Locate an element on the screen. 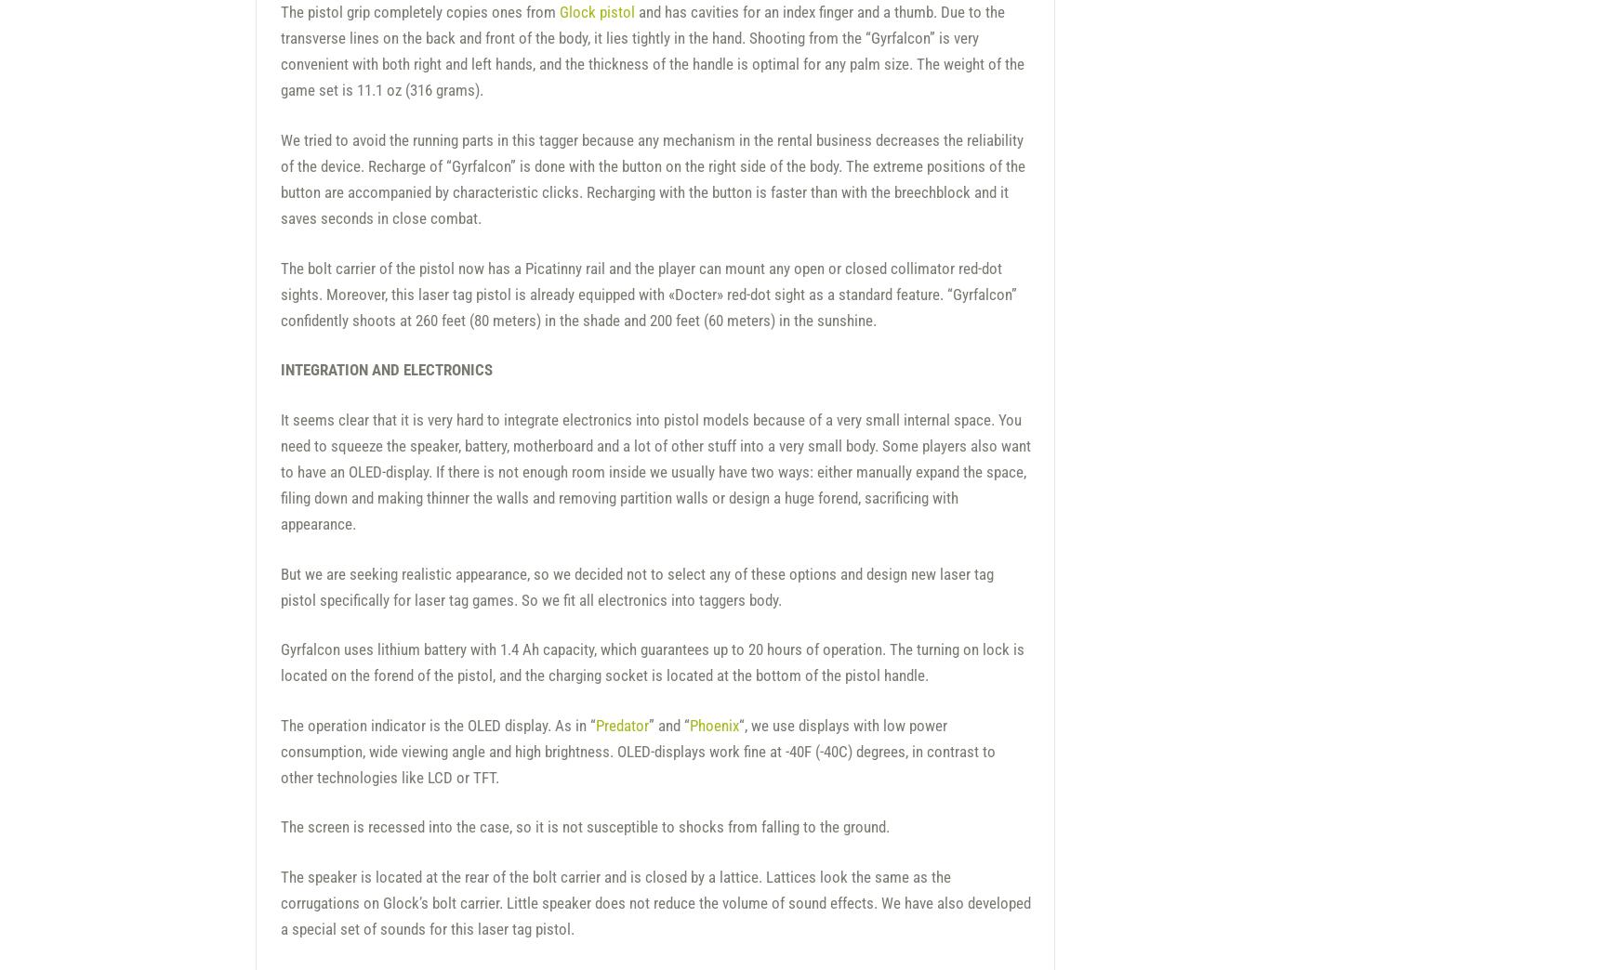 The image size is (1599, 970). 'The pistol grip completely copies ones from' is located at coordinates (279, 11).